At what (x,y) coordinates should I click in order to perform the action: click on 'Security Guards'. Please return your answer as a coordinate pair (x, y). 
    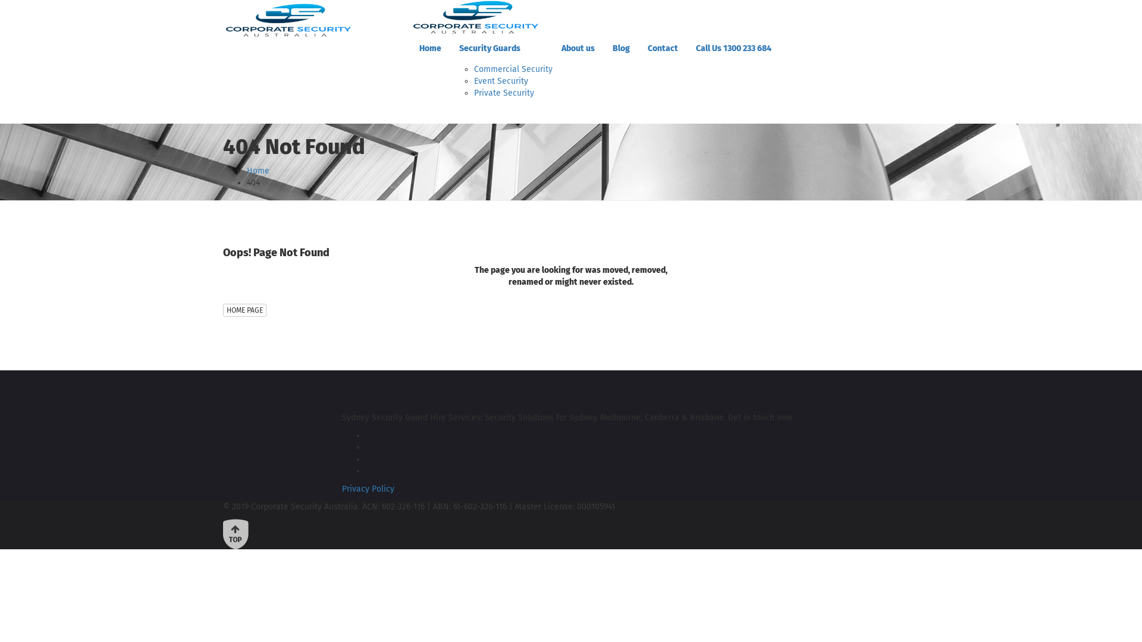
    Looking at the image, I should click on (501, 48).